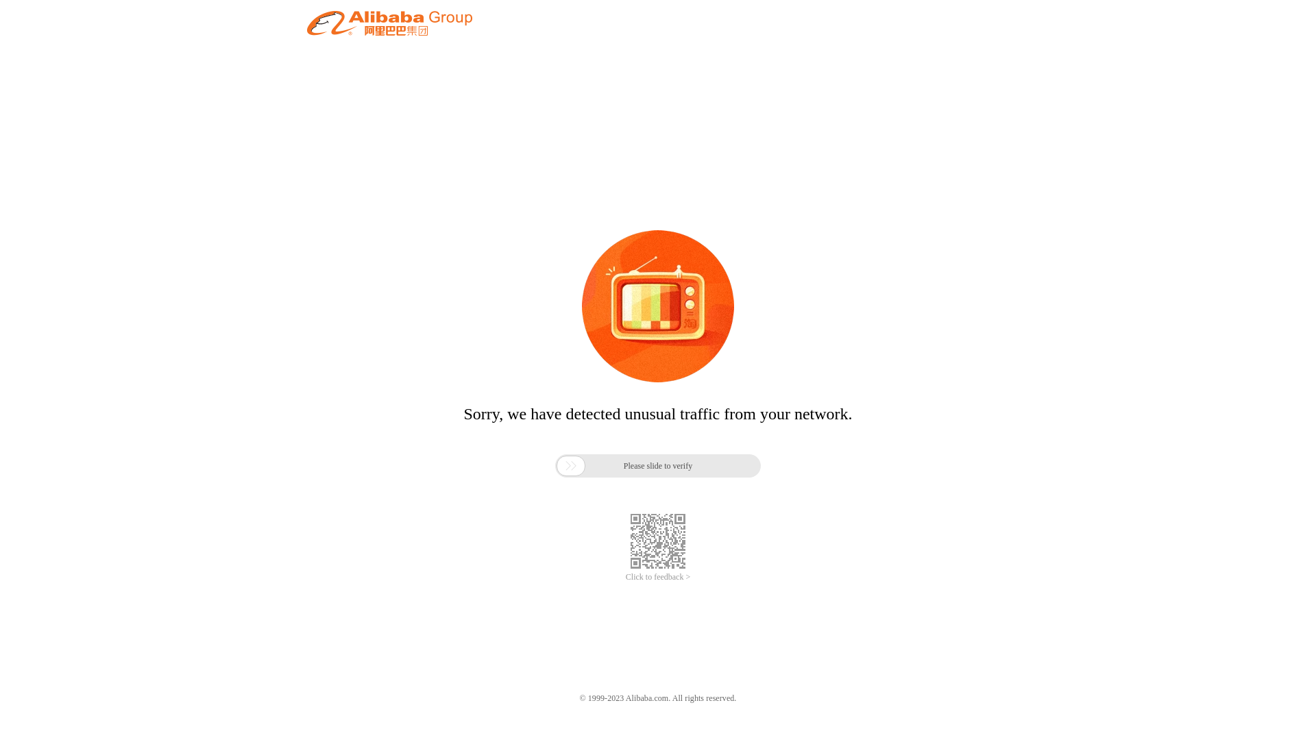 This screenshot has width=1316, height=740. What do you see at coordinates (658, 577) in the screenshot?
I see `'Click to feedback >'` at bounding box center [658, 577].